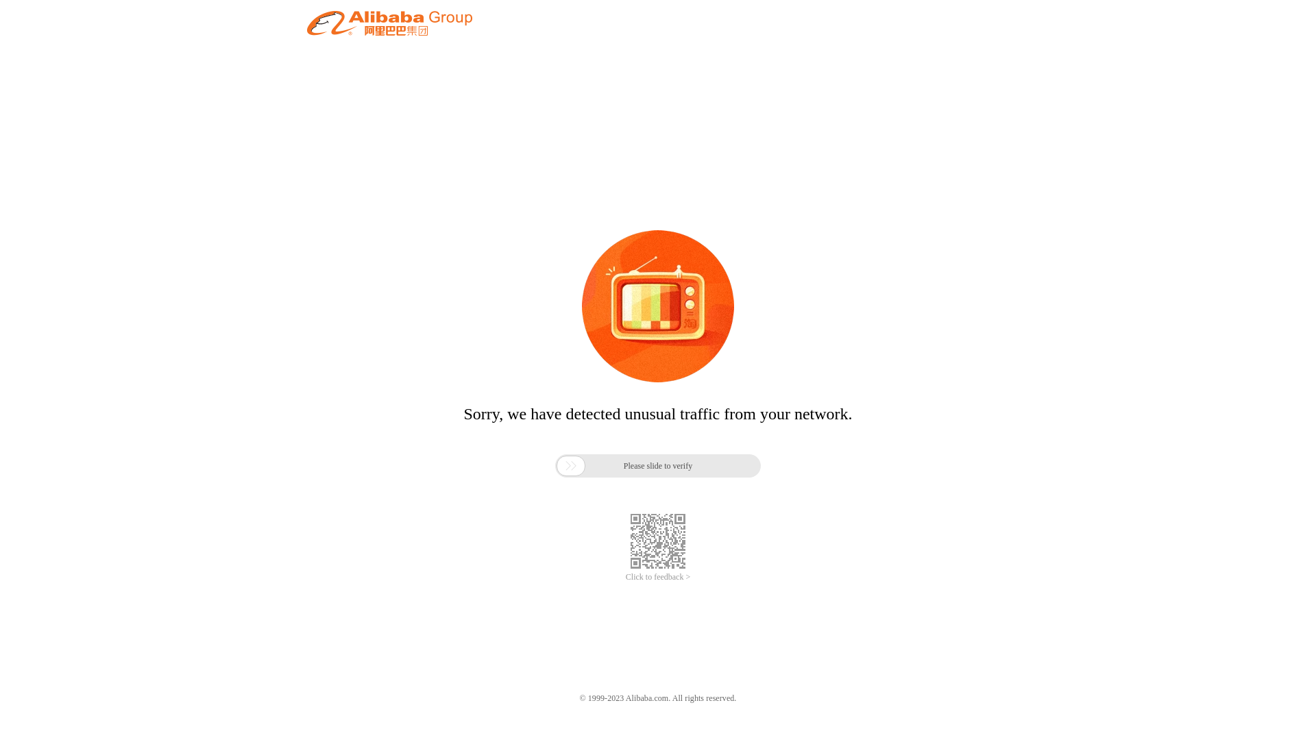 This screenshot has width=1316, height=740. What do you see at coordinates (658, 577) in the screenshot?
I see `'Click to feedback >'` at bounding box center [658, 577].